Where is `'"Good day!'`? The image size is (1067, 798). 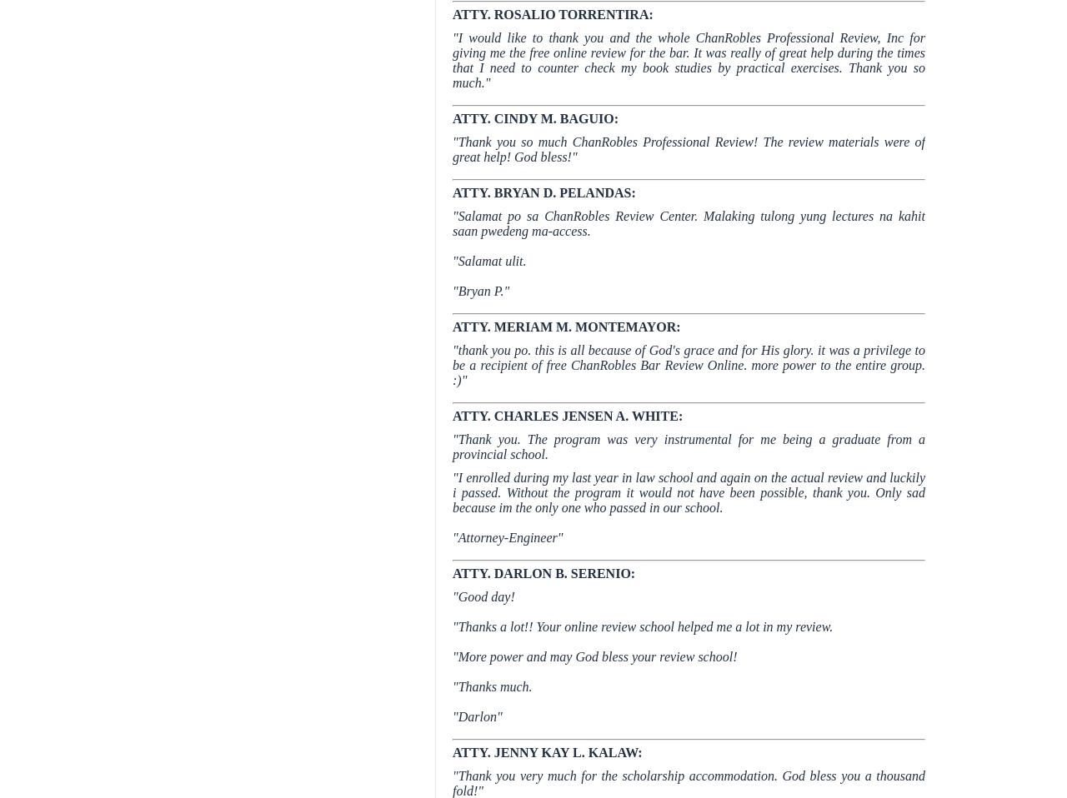
'"Good day!' is located at coordinates (482, 596).